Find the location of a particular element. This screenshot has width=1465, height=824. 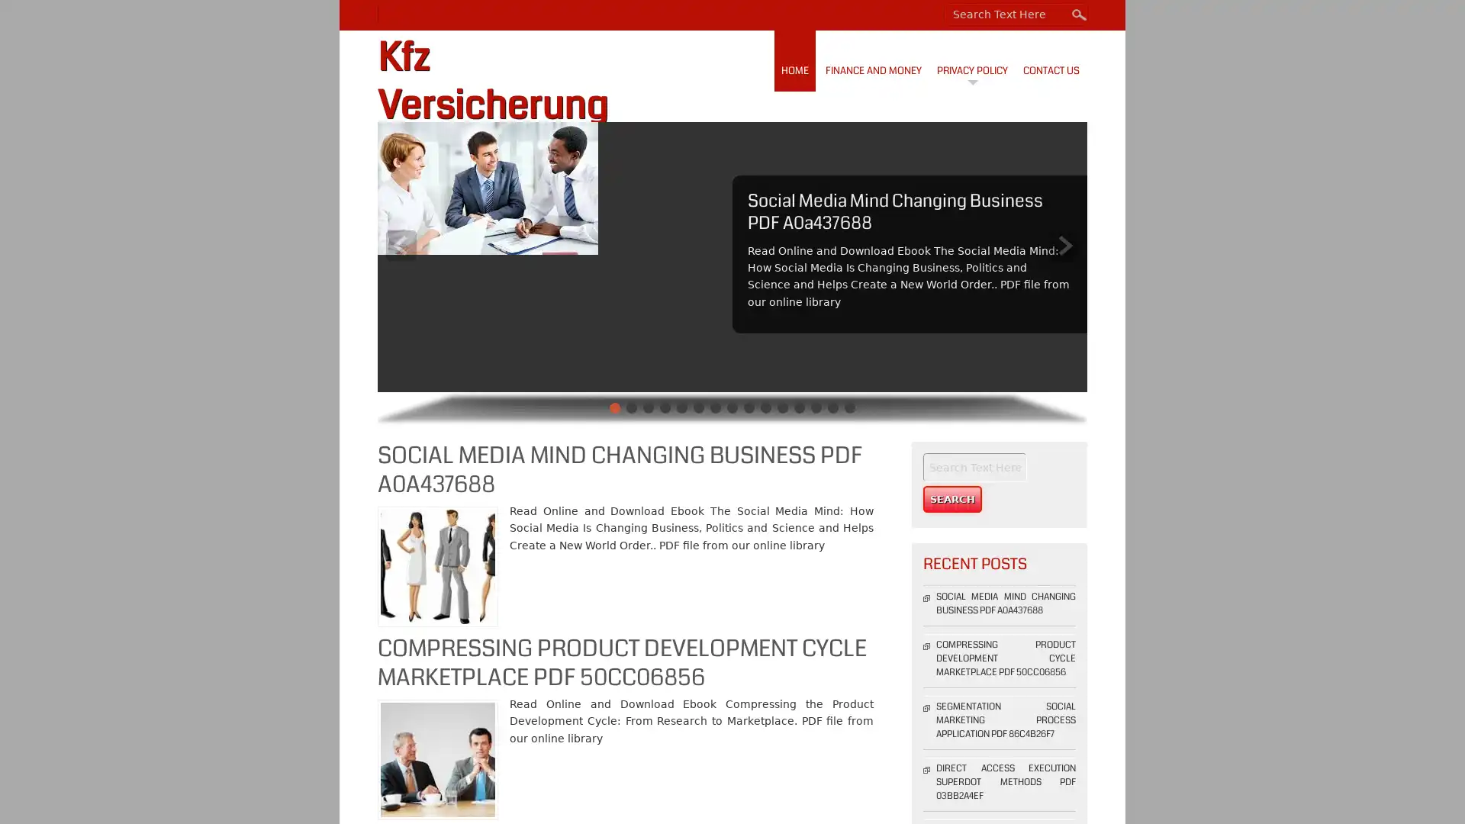

Search is located at coordinates (951, 499).